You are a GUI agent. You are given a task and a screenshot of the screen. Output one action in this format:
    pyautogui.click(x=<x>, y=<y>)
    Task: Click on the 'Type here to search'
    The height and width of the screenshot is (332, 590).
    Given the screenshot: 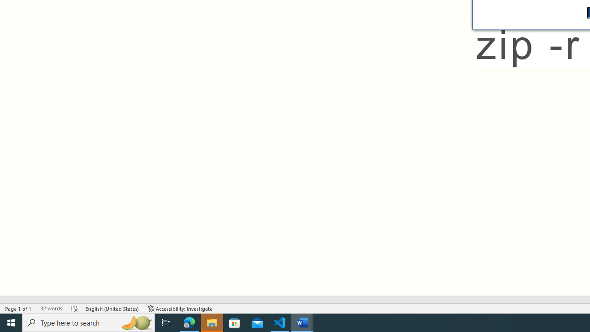 What is the action you would take?
    pyautogui.click(x=88, y=322)
    